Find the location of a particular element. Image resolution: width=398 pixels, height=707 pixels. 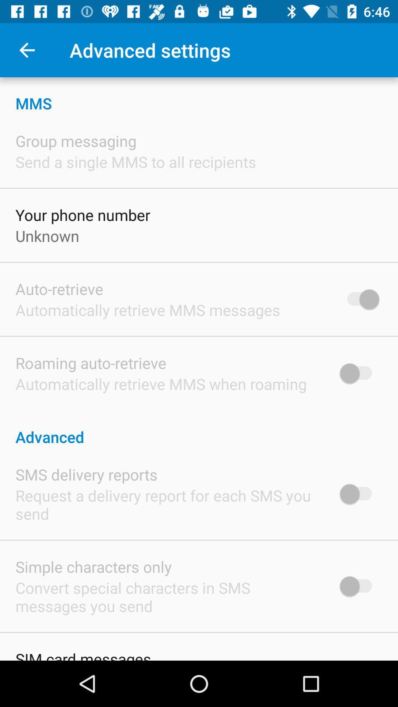

the icon above the convert special characters icon is located at coordinates (93, 566).